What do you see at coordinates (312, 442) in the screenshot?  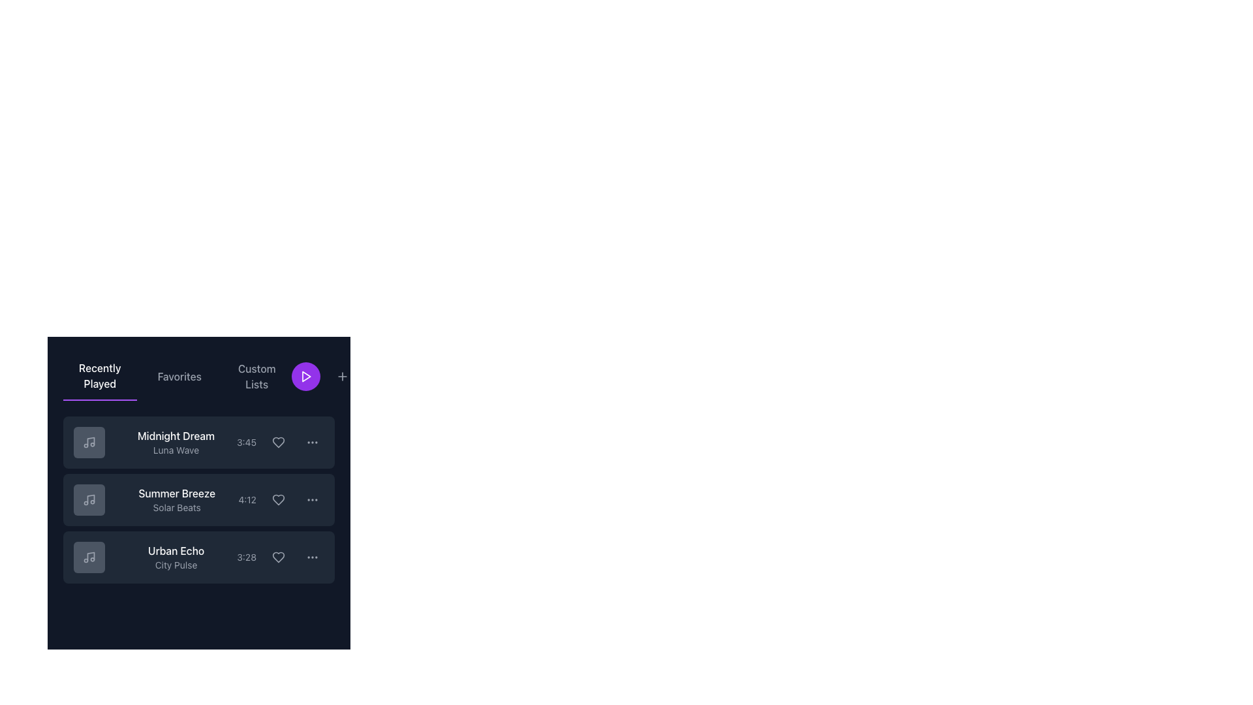 I see `the menu trigger button located to the right of the heart-shaped icon in the row containing '3:45' and the title 'Midnight Dream'` at bounding box center [312, 442].